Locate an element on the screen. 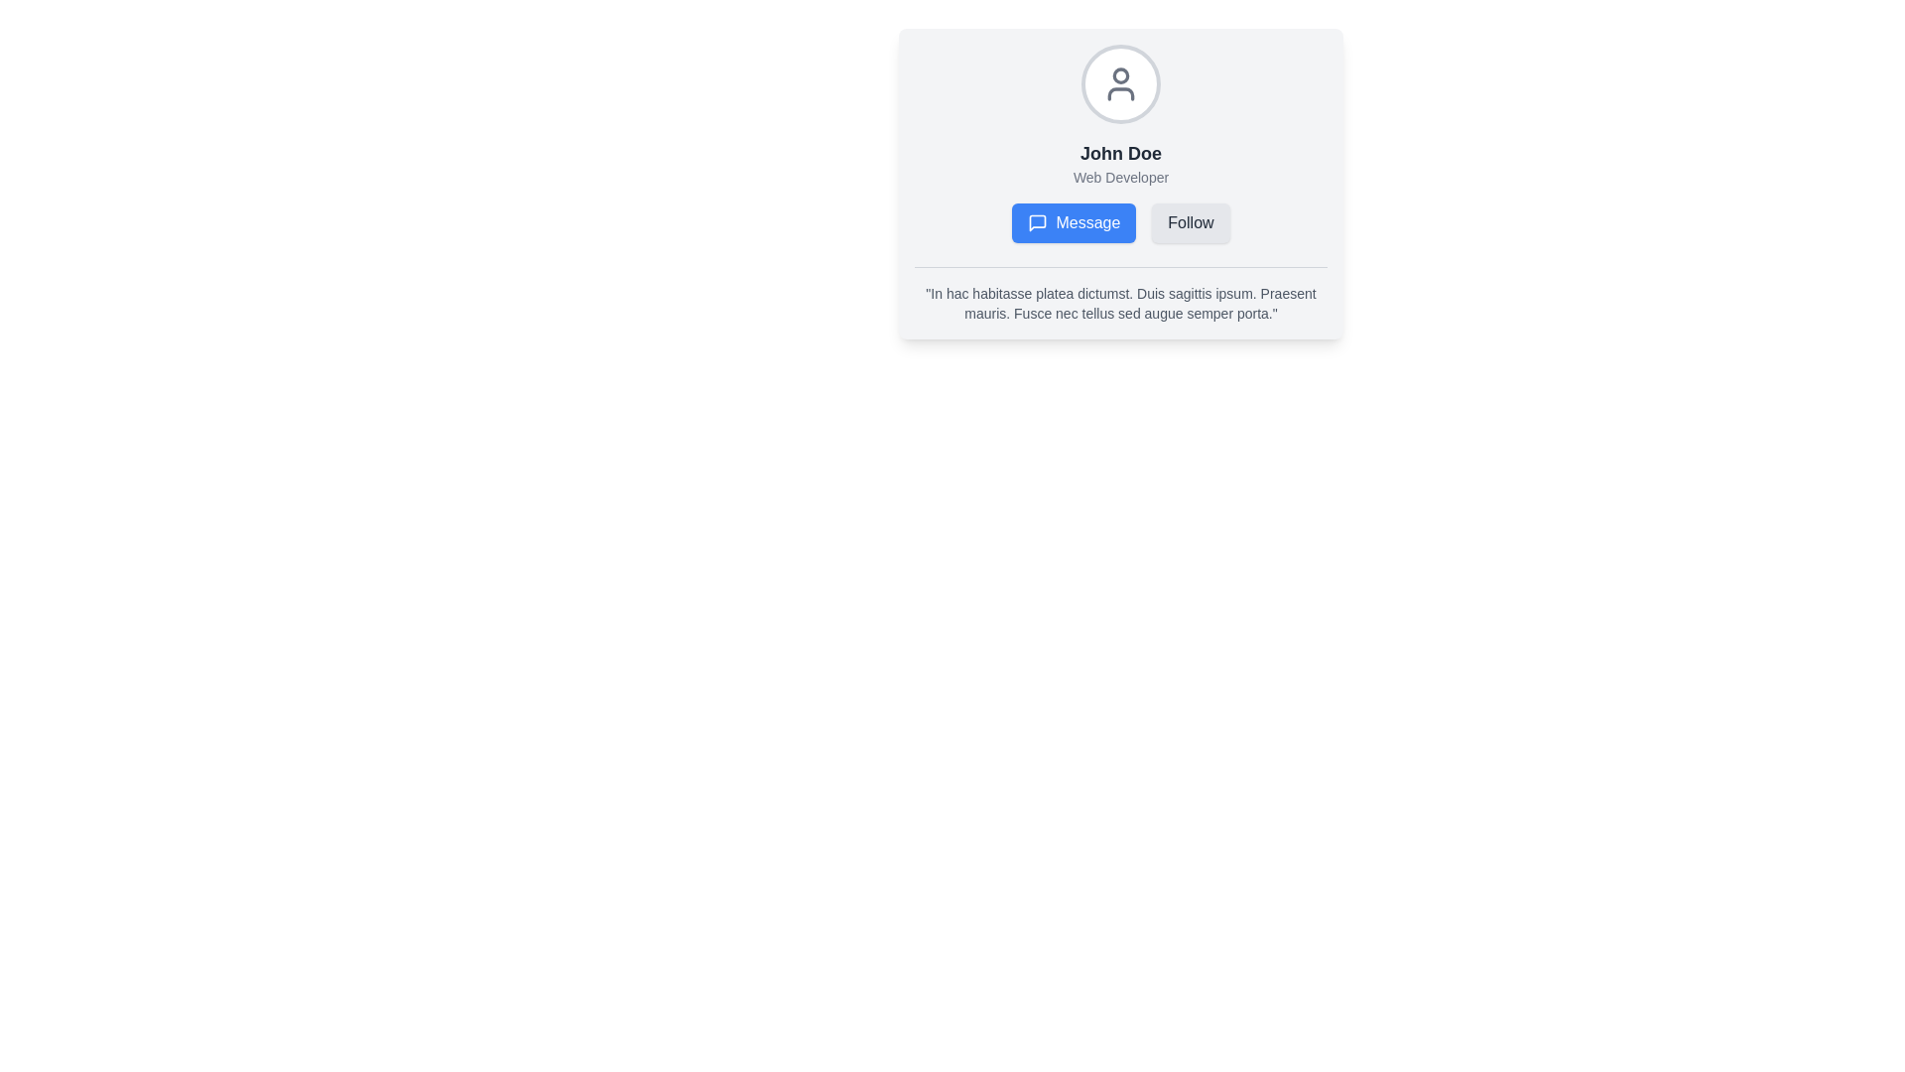 The width and height of the screenshot is (1905, 1072). the 'Send Message' button located to the left of the 'Follow' button, positioned beneath the user's name and profession details is located at coordinates (1120, 222).